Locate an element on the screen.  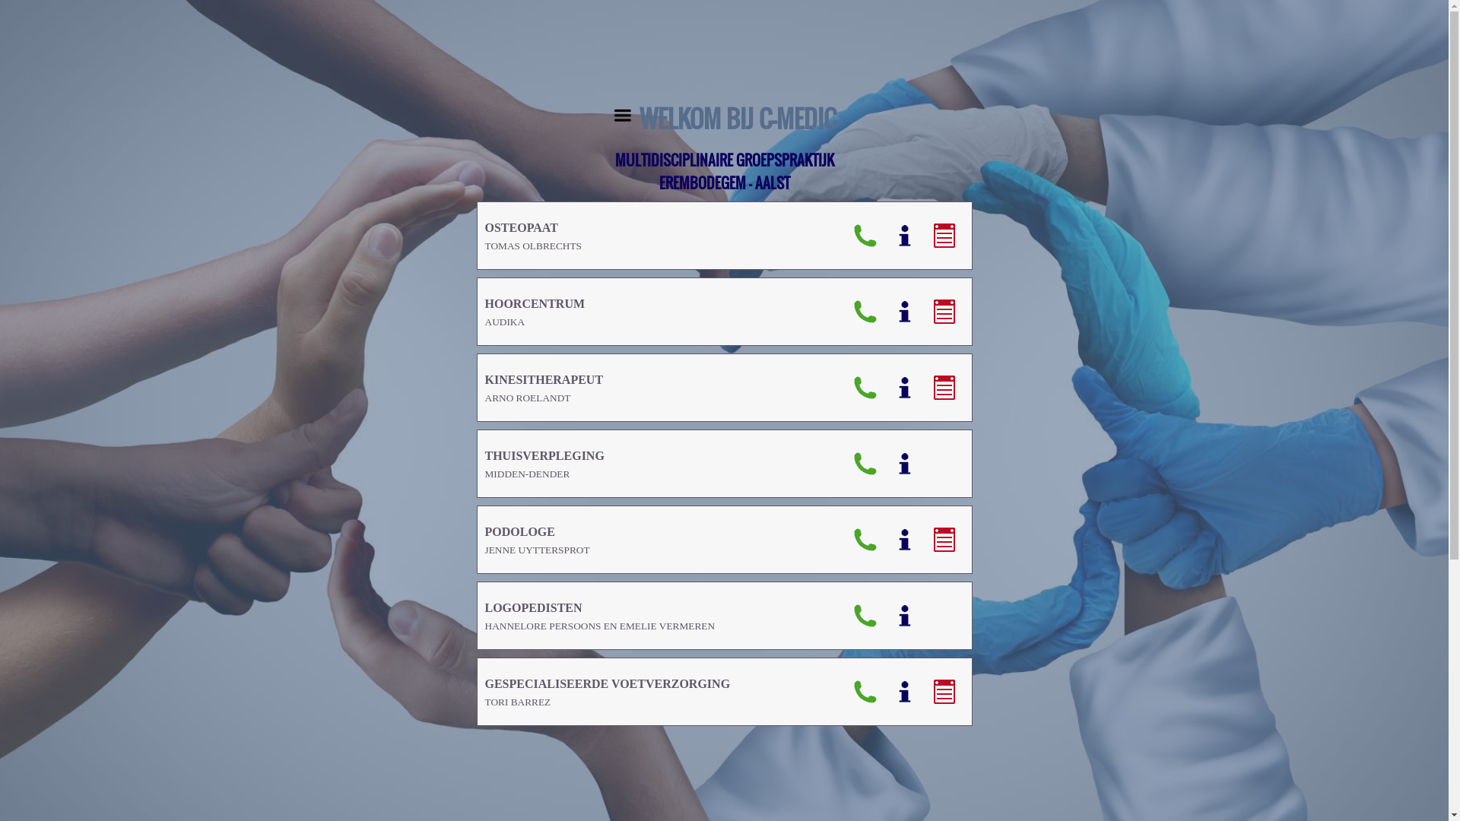
'Online afspraak' is located at coordinates (923, 235).